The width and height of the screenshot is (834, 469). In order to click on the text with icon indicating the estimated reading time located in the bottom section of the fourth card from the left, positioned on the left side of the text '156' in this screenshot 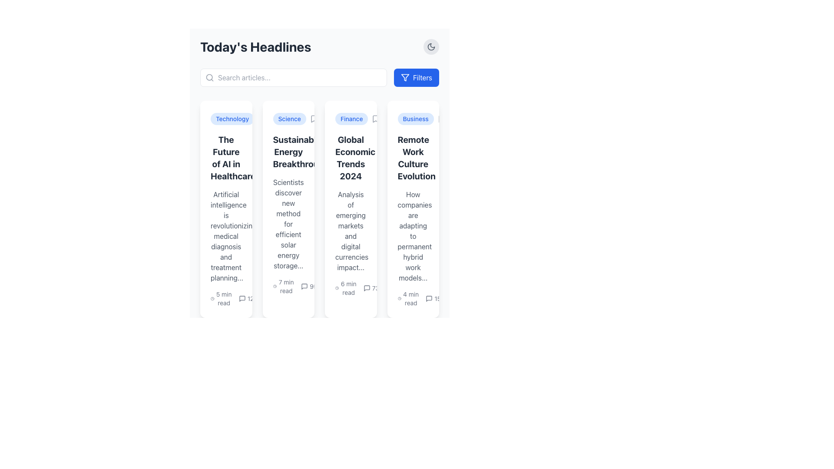, I will do `click(407, 298)`.